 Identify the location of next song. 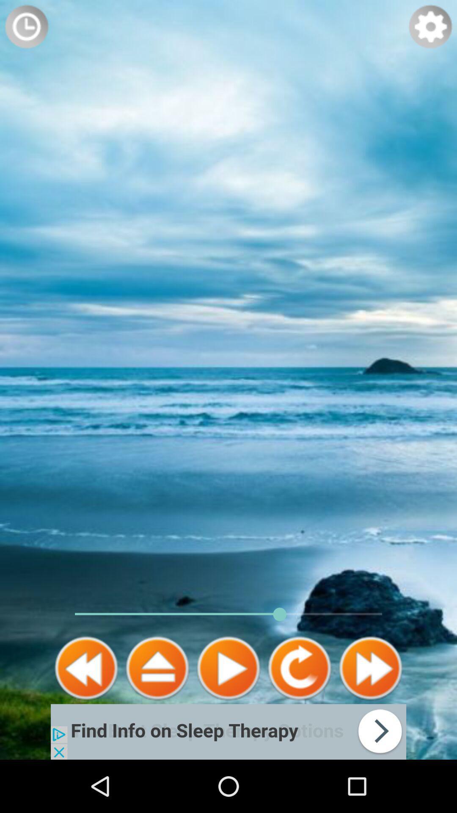
(370, 668).